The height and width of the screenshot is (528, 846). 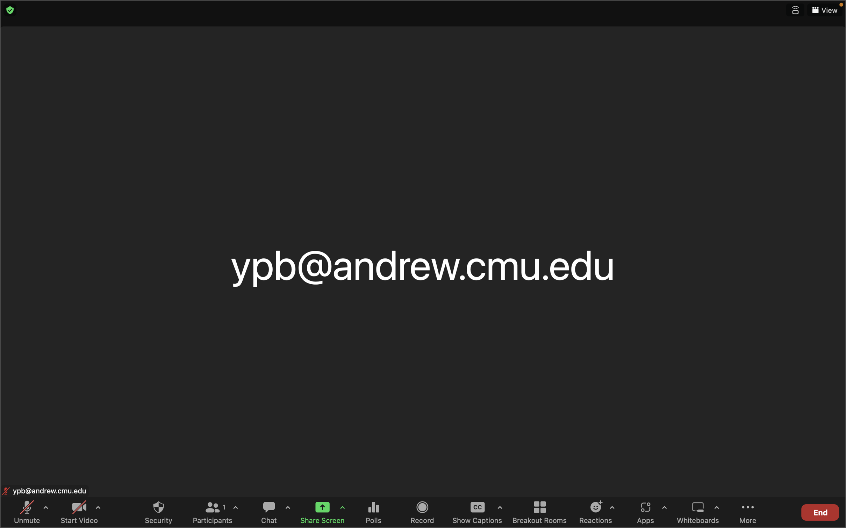 I want to click on layout settings, so click(x=824, y=10).